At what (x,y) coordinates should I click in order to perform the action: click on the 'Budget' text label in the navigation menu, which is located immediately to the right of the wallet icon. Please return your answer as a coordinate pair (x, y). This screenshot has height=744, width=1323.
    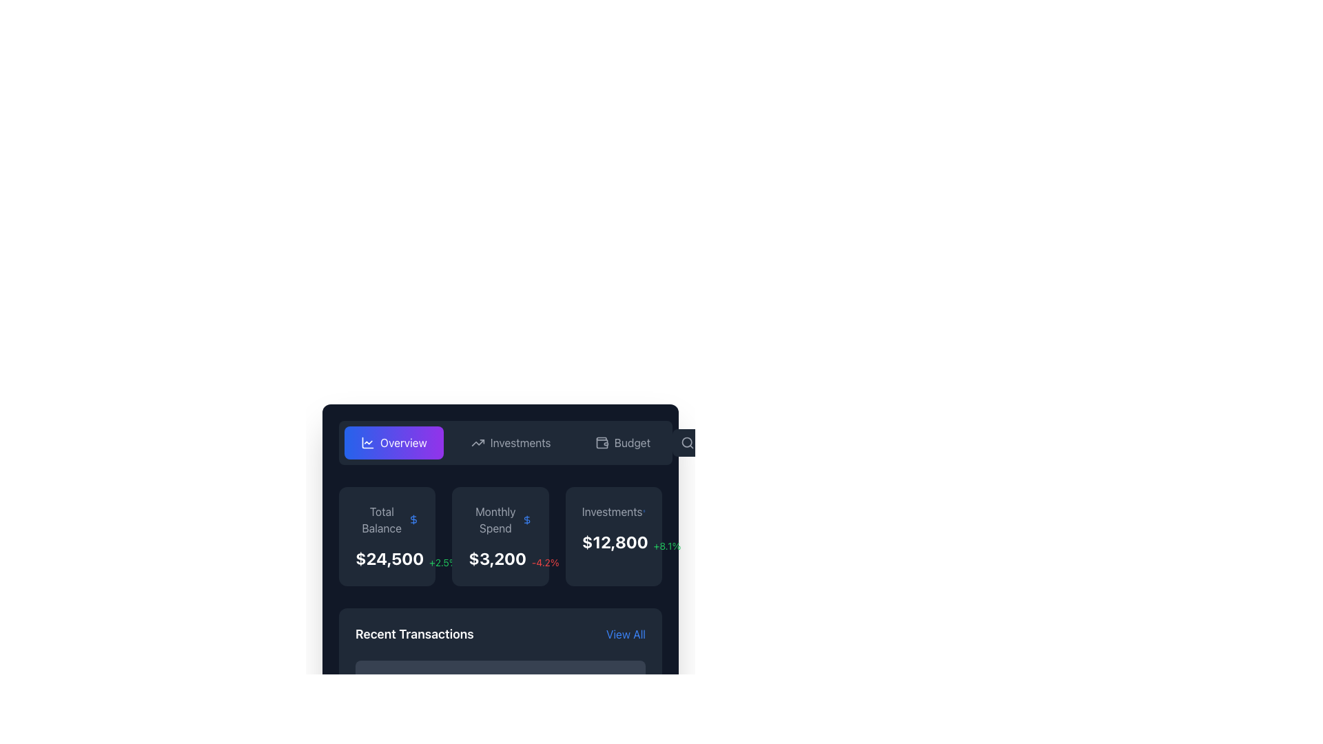
    Looking at the image, I should click on (631, 443).